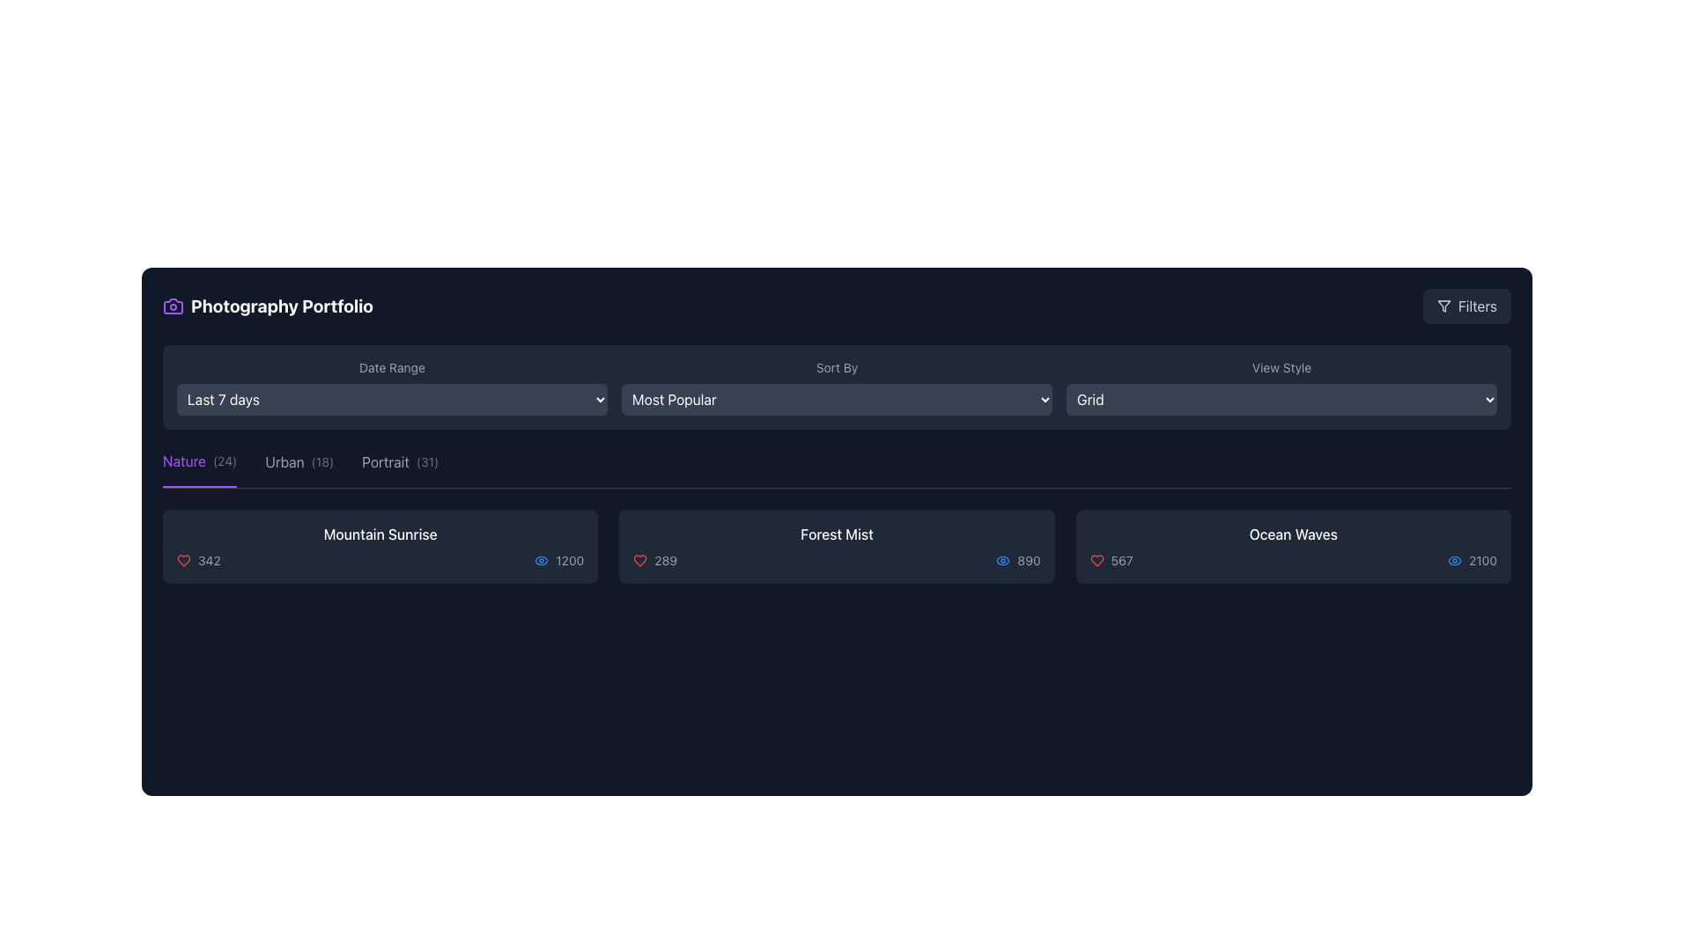 The width and height of the screenshot is (1691, 951). Describe the element at coordinates (391, 366) in the screenshot. I see `the static text label that describes the dropdown menu for date ranges, located under the 'Photography Portfolio' header` at that location.